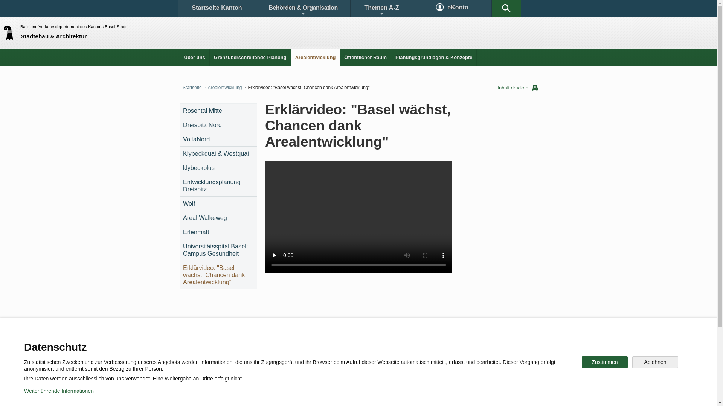  I want to click on 'Ablehnen', so click(654, 362).